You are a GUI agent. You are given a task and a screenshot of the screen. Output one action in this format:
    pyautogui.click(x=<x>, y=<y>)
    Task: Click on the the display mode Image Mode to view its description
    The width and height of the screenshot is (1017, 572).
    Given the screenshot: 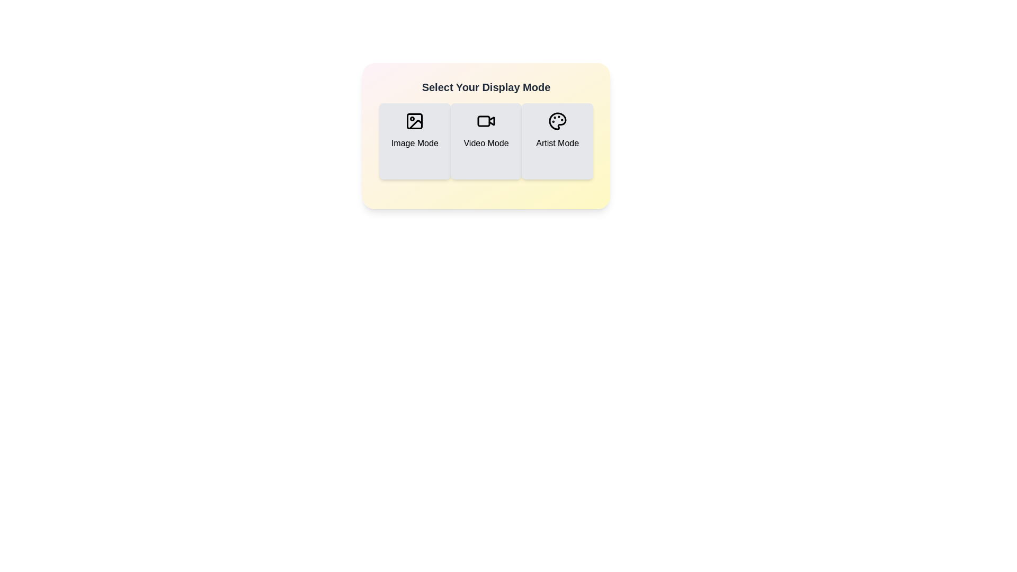 What is the action you would take?
    pyautogui.click(x=414, y=140)
    